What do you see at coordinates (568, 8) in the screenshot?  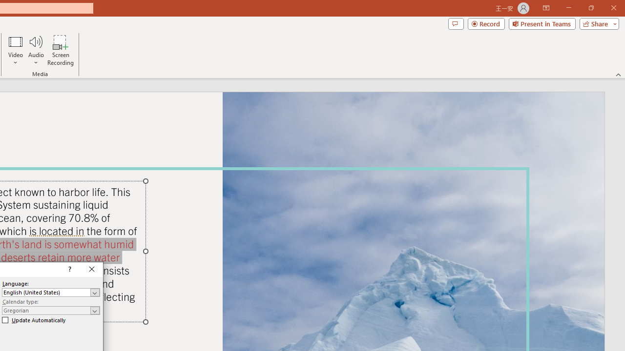 I see `'Minimize'` at bounding box center [568, 8].